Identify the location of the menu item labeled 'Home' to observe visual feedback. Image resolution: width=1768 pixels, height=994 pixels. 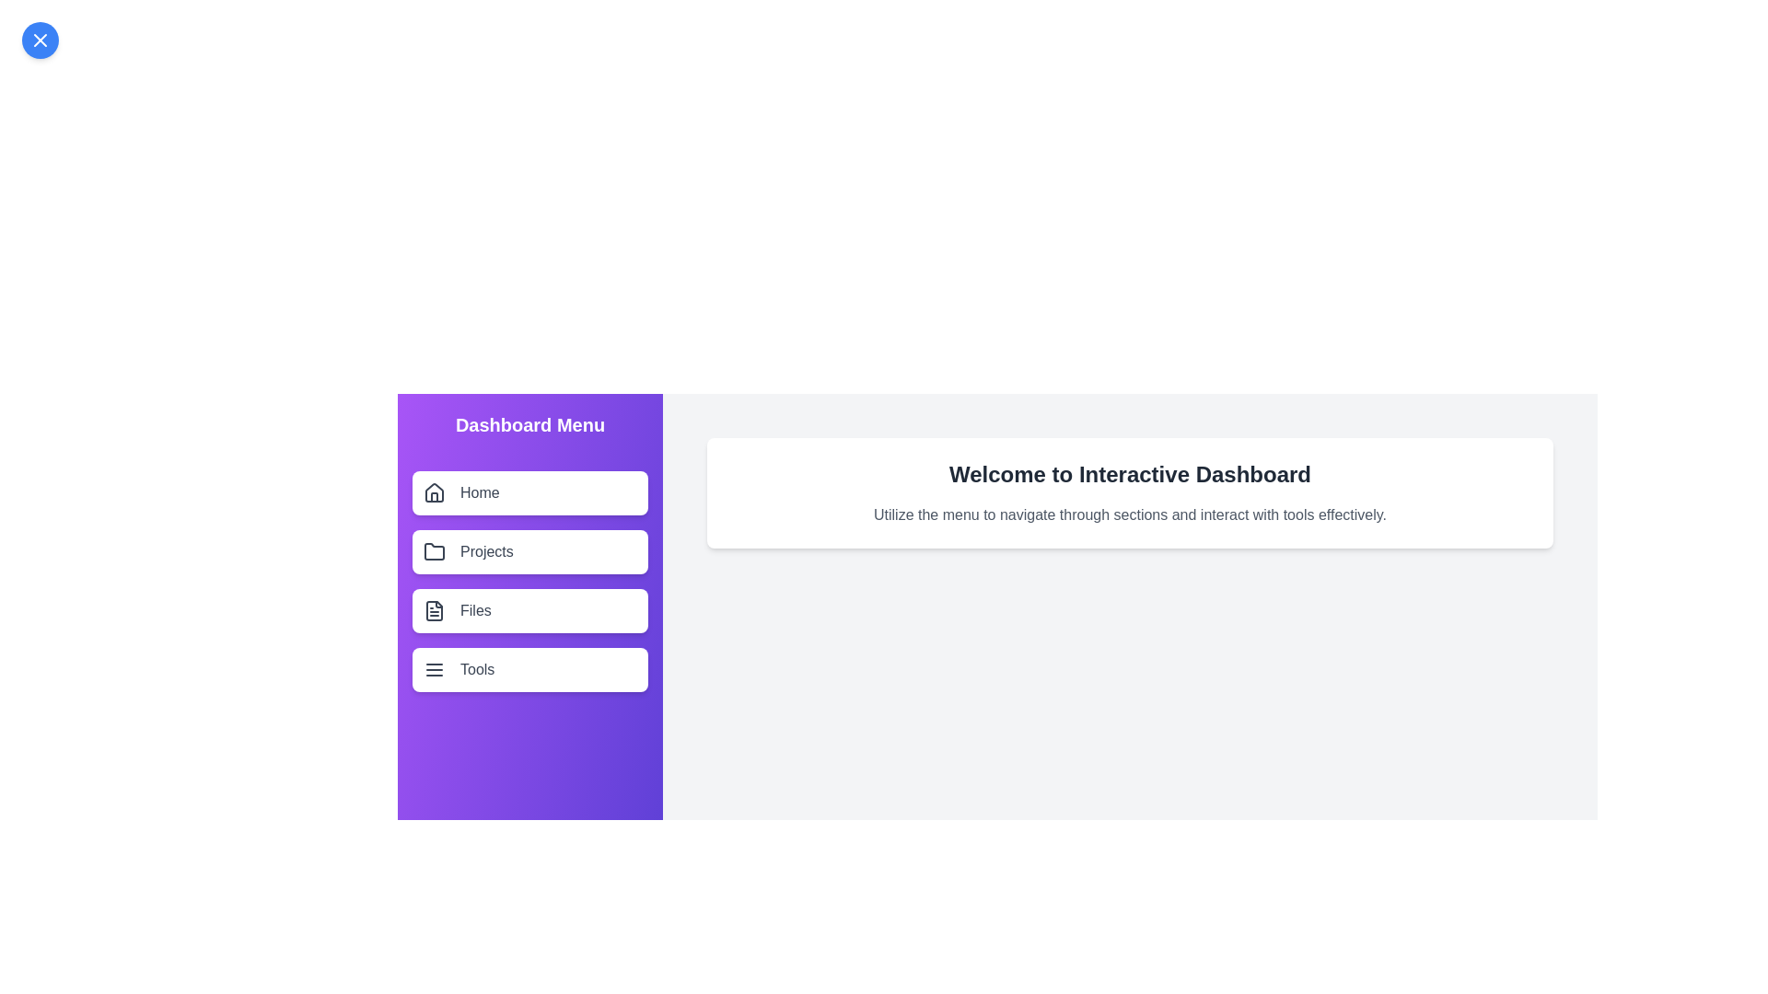
(529, 492).